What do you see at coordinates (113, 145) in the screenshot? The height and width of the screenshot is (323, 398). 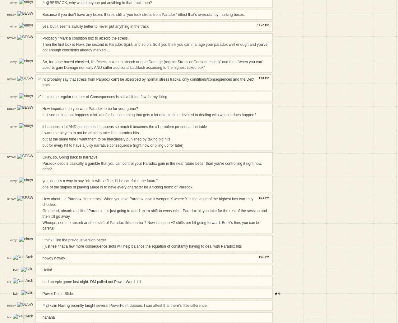 I see `'but for every hit to have a juicy narrative consequence (right now or piling up for later)'` at bounding box center [113, 145].